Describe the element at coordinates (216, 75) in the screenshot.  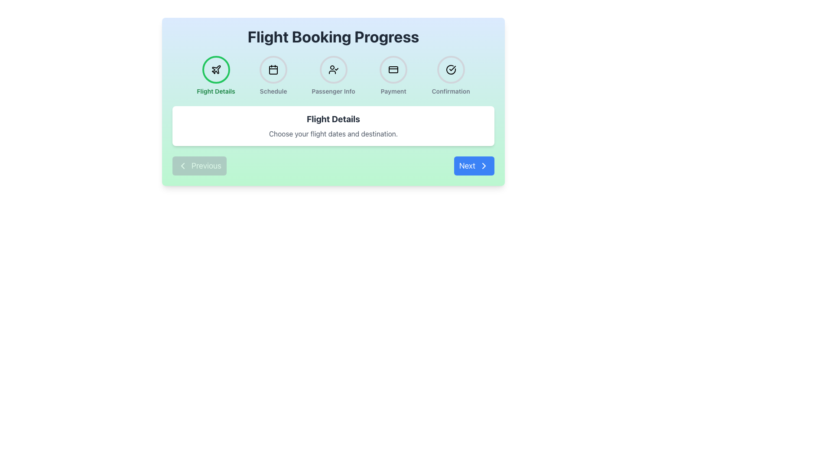
I see `the 'Flight Details' step indicator` at that location.